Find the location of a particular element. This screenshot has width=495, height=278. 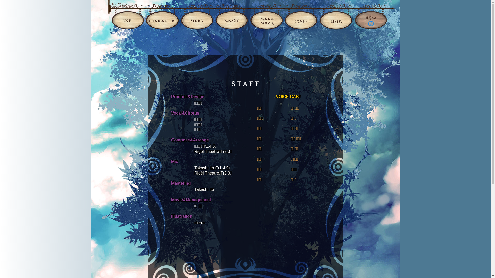

'CHARACTER' is located at coordinates (144, 14).